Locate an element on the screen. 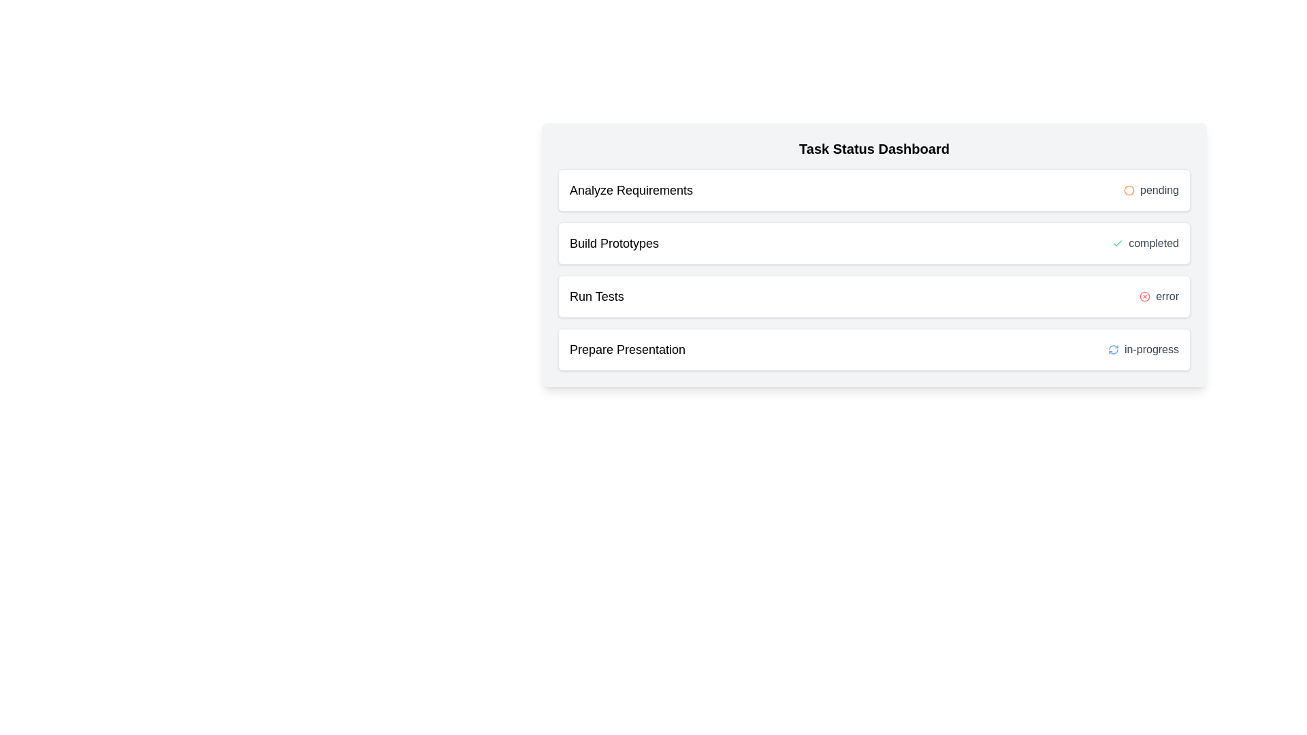  the circular icon that represents the 'pending' status of the associated task in the dashboard, located to the left of the 'pending' label in the first row of the task list is located at coordinates (1129, 191).